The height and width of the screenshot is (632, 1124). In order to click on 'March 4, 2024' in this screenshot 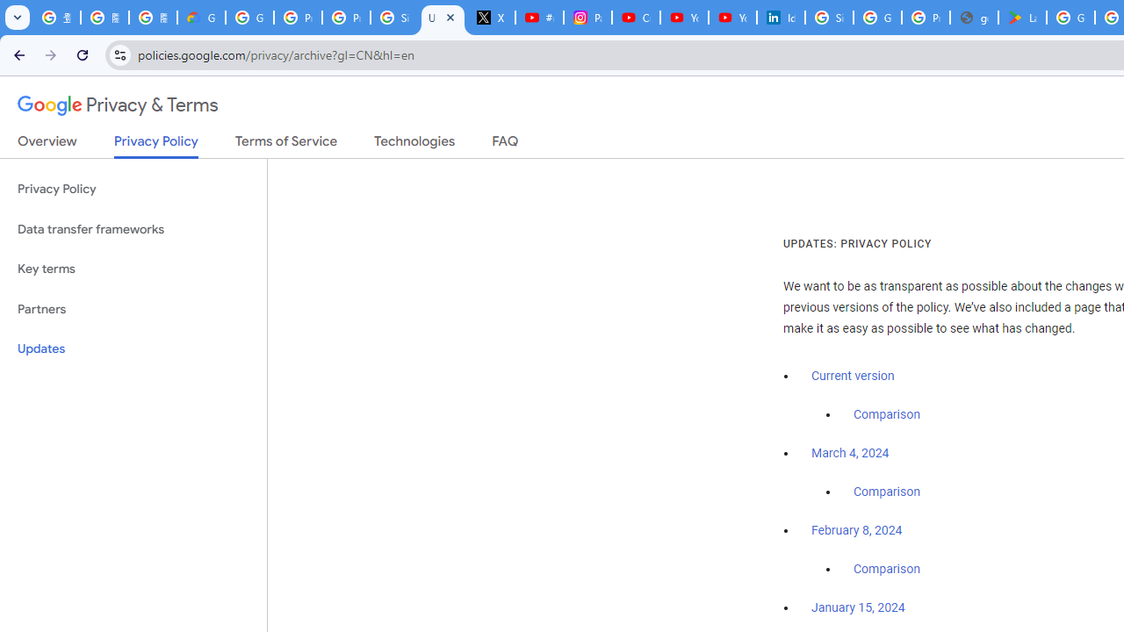, I will do `click(850, 453)`.